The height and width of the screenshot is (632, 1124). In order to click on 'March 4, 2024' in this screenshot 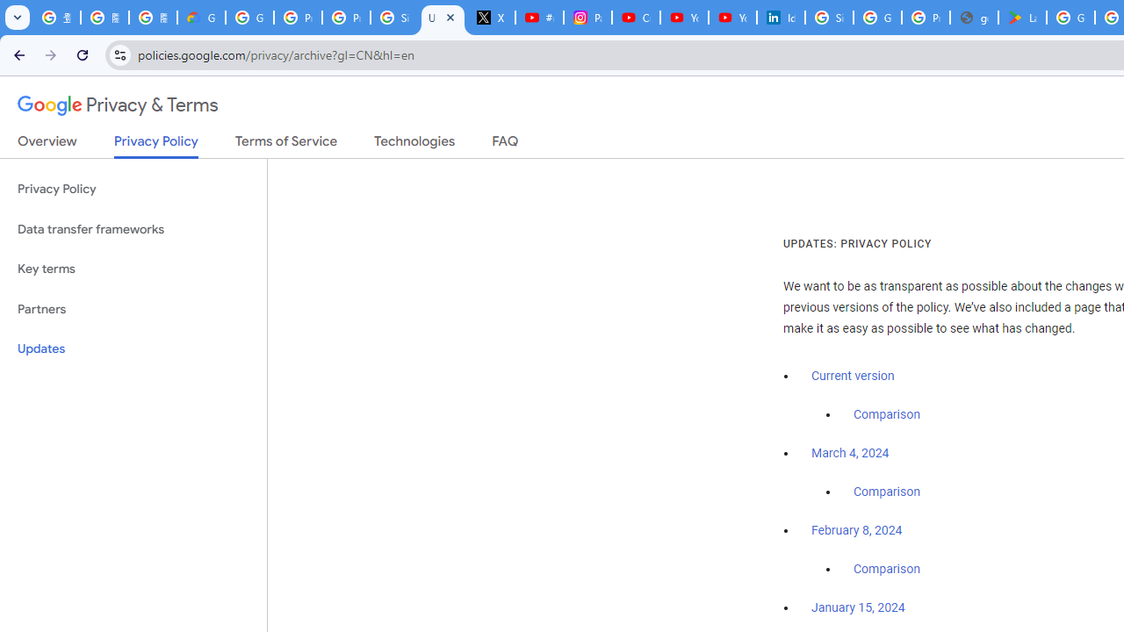, I will do `click(850, 453)`.